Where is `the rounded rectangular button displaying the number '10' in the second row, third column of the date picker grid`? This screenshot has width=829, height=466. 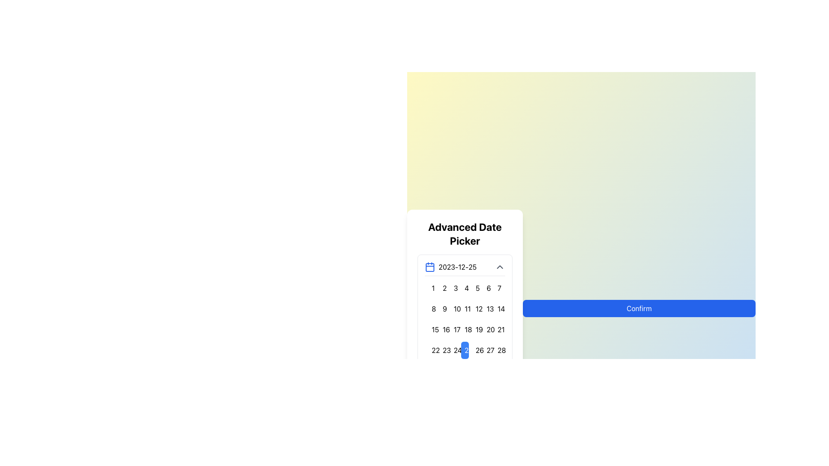 the rounded rectangular button displaying the number '10' in the second row, third column of the date picker grid is located at coordinates (453, 308).